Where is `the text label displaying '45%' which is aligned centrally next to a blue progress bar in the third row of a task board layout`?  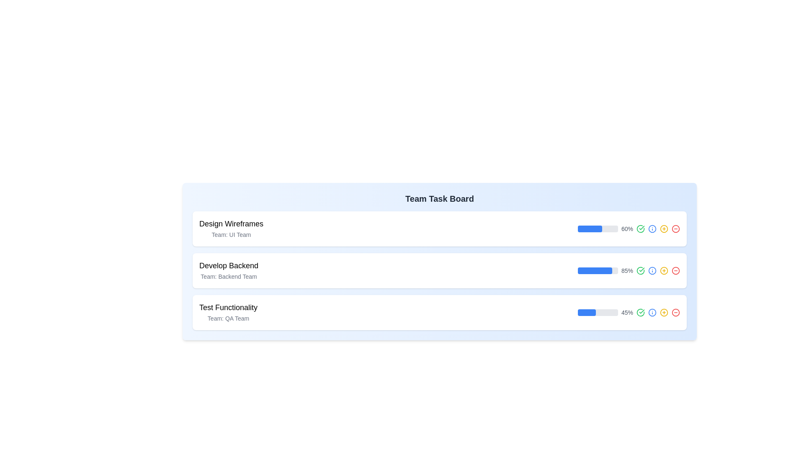 the text label displaying '45%' which is aligned centrally next to a blue progress bar in the third row of a task board layout is located at coordinates (627, 313).